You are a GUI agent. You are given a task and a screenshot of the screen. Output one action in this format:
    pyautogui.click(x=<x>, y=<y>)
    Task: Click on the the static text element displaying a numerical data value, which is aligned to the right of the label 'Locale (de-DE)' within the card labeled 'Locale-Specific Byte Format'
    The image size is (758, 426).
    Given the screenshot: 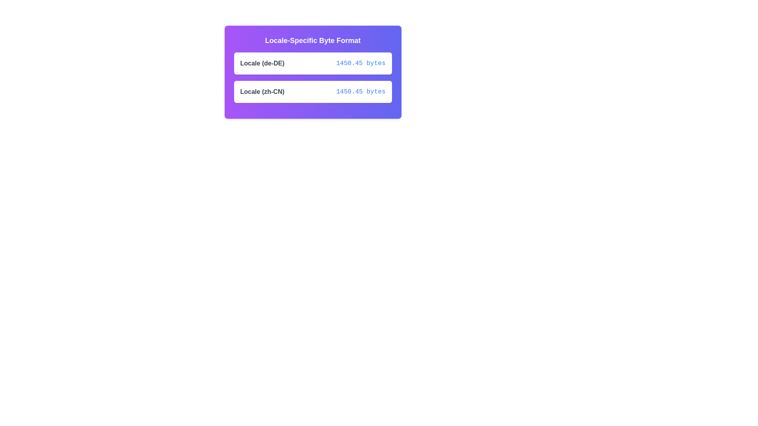 What is the action you would take?
    pyautogui.click(x=360, y=63)
    